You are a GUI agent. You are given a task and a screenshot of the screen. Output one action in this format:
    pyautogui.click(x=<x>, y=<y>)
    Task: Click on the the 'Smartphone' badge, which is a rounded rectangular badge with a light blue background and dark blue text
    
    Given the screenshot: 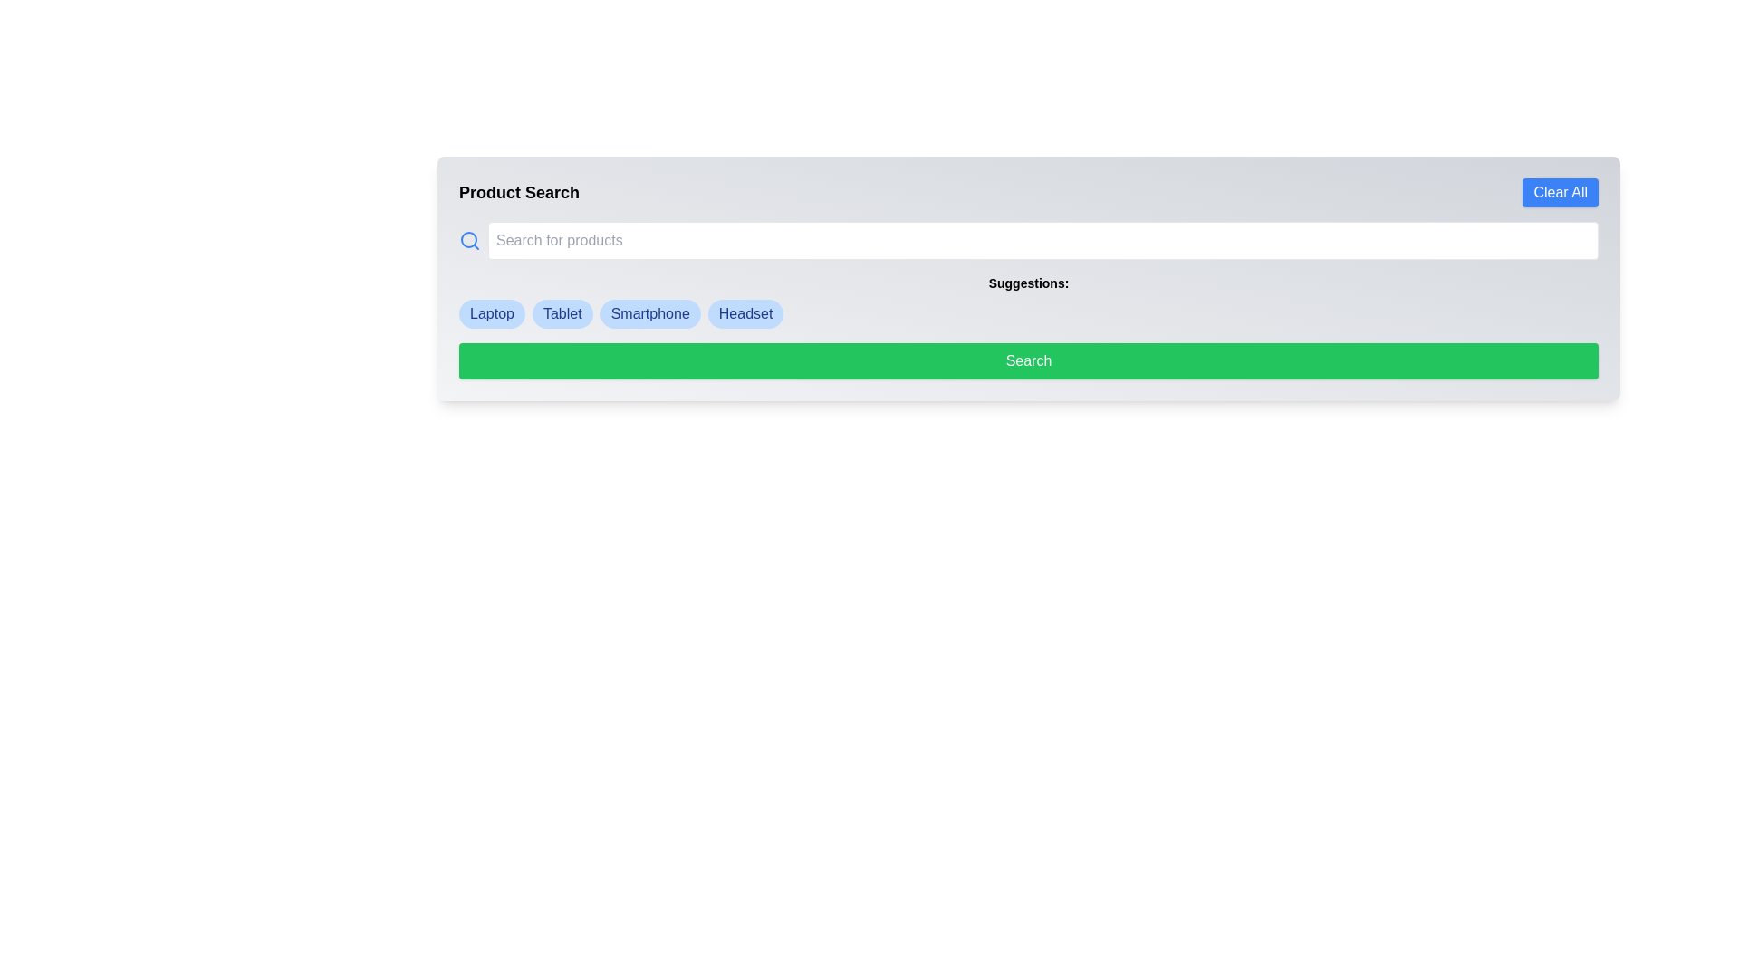 What is the action you would take?
    pyautogui.click(x=650, y=313)
    